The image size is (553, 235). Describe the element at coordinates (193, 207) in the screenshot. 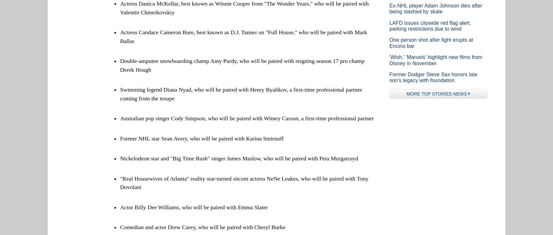

I see `'Actor Billy Dee Williams, who will be paired with Emma Slater'` at that location.